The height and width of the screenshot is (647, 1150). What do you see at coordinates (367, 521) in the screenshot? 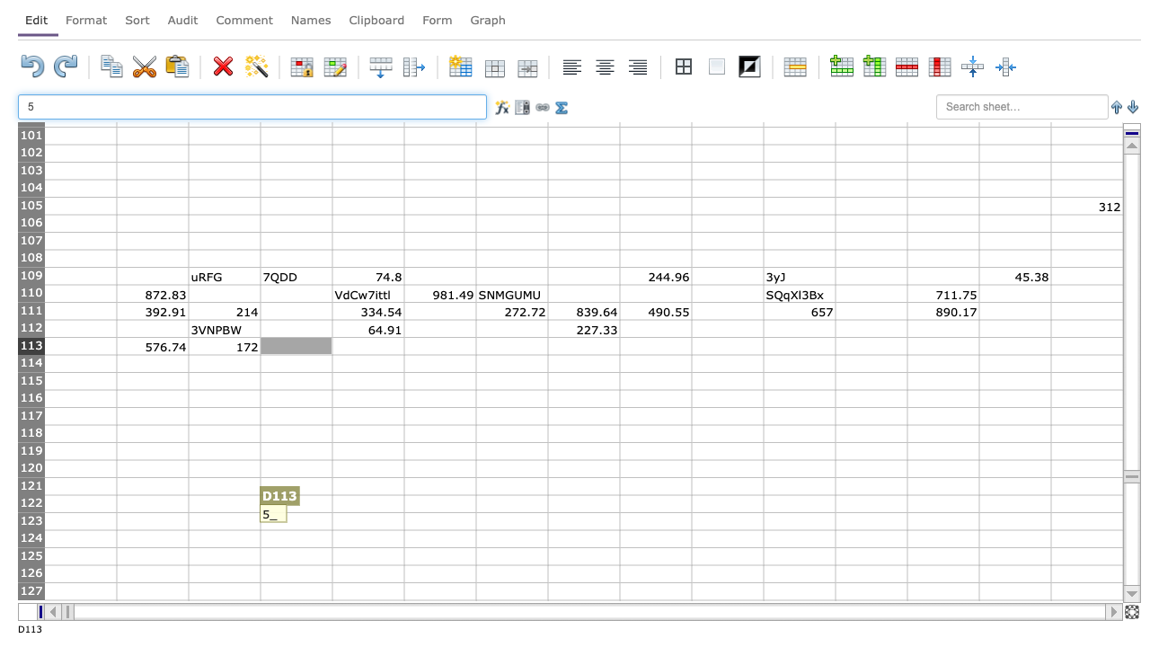
I see `column E row 123` at bounding box center [367, 521].